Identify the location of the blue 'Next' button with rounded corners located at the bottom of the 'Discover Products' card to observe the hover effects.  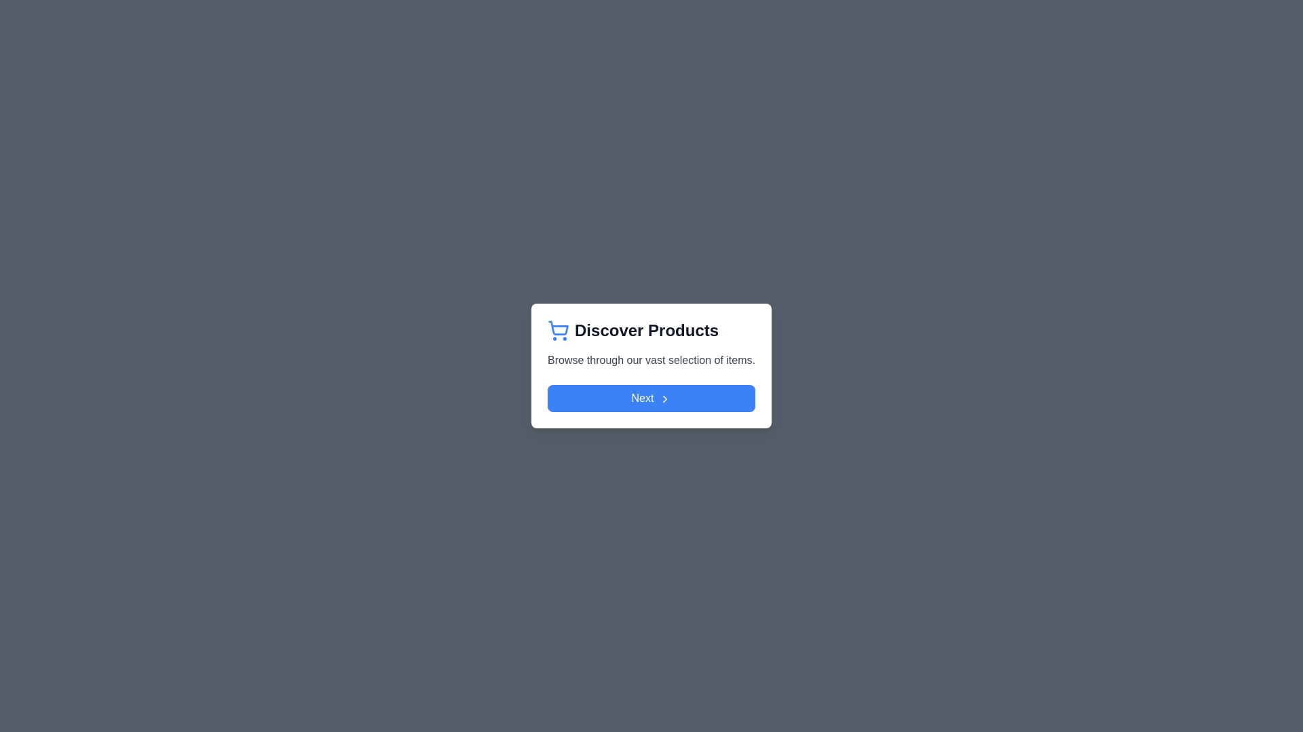
(651, 397).